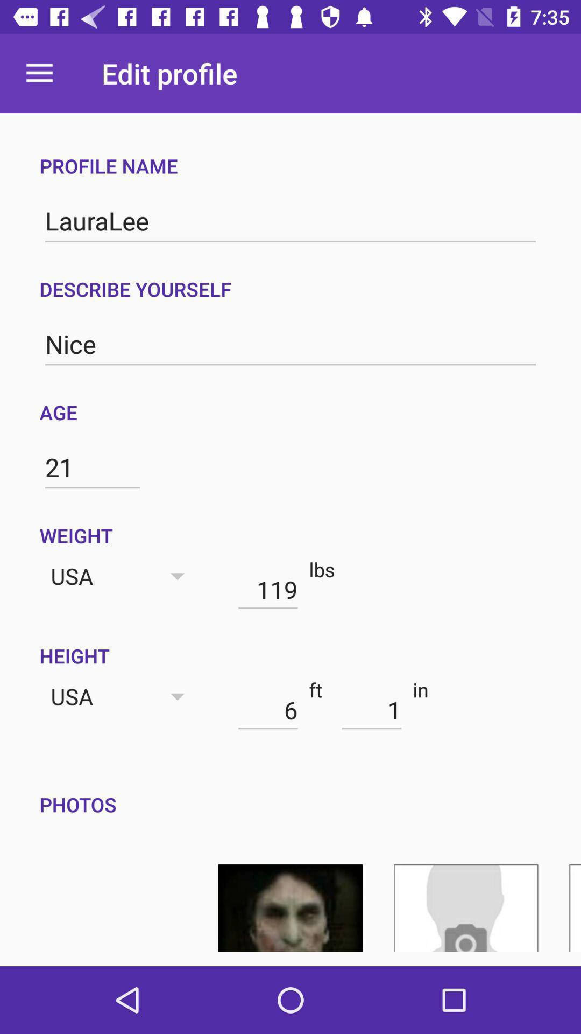 The image size is (581, 1034). Describe the element at coordinates (267, 589) in the screenshot. I see `icon to the left of the lbs` at that location.